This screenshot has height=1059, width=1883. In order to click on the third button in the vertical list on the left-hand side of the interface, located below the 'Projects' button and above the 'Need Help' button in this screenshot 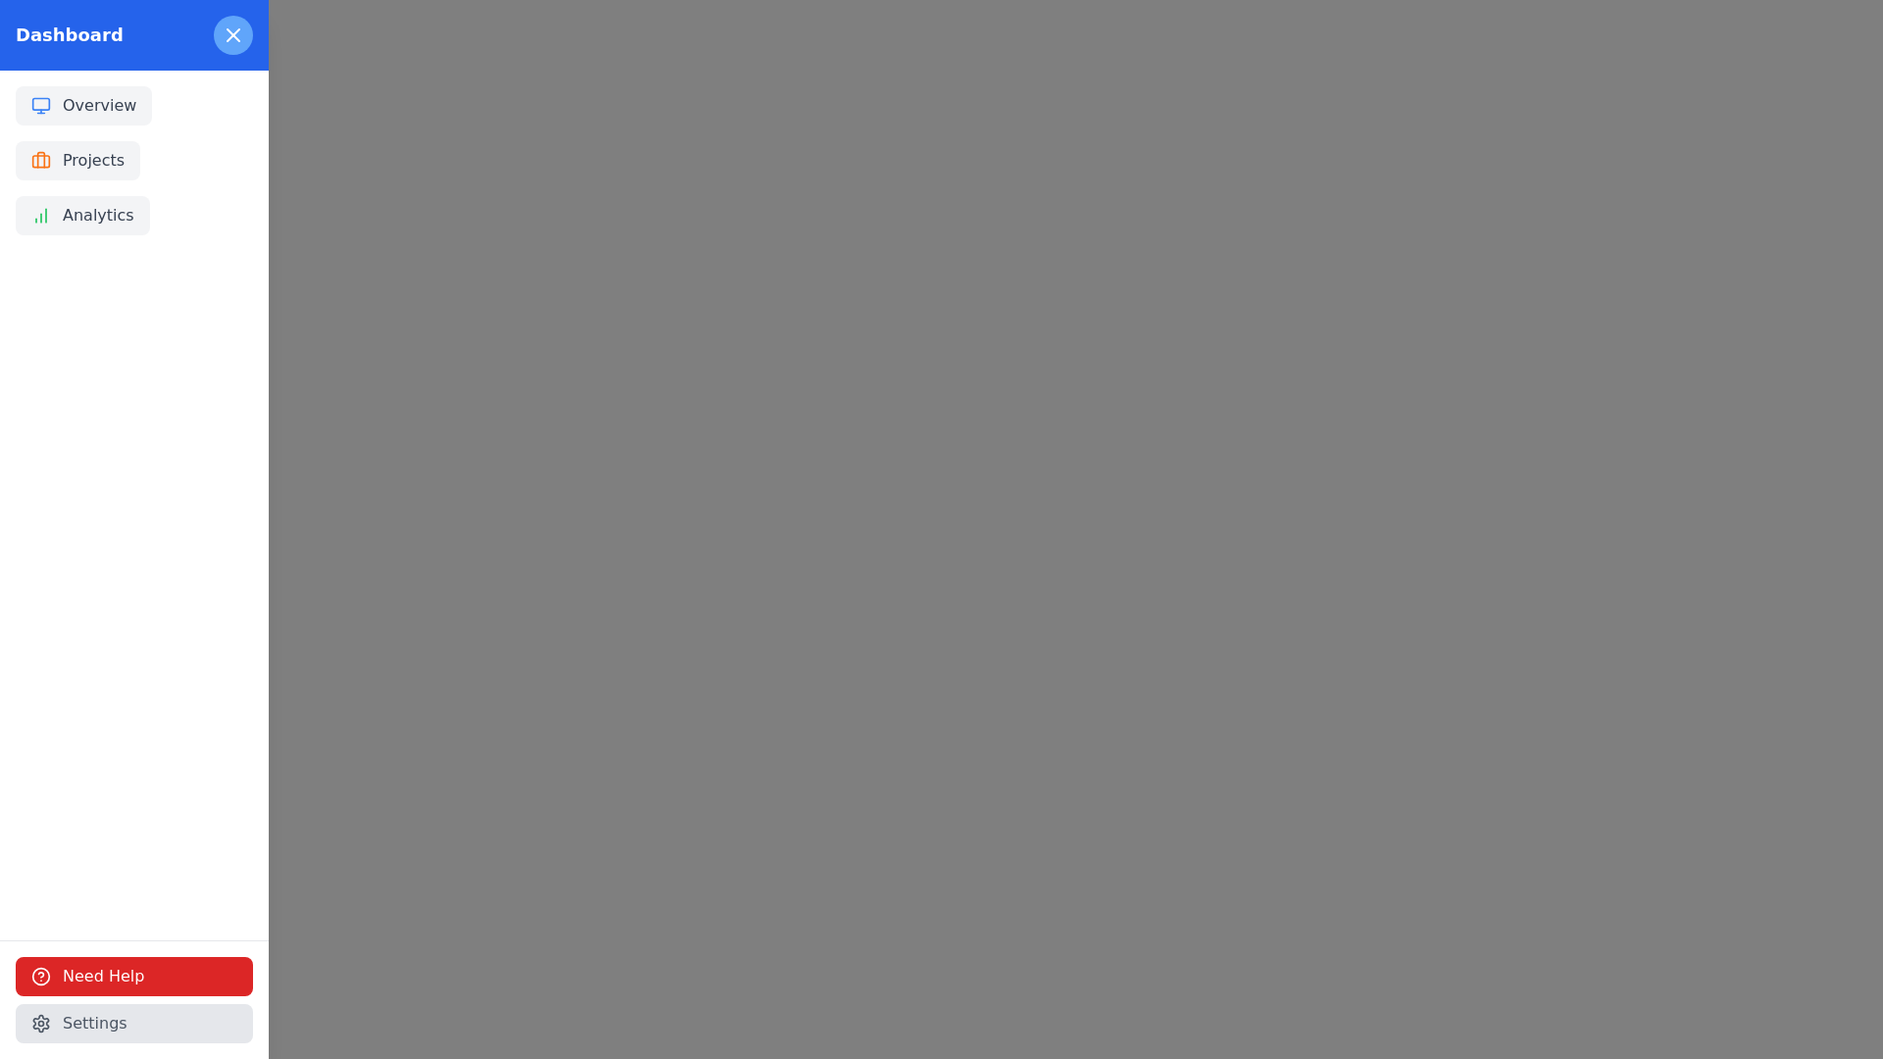, I will do `click(80, 215)`.